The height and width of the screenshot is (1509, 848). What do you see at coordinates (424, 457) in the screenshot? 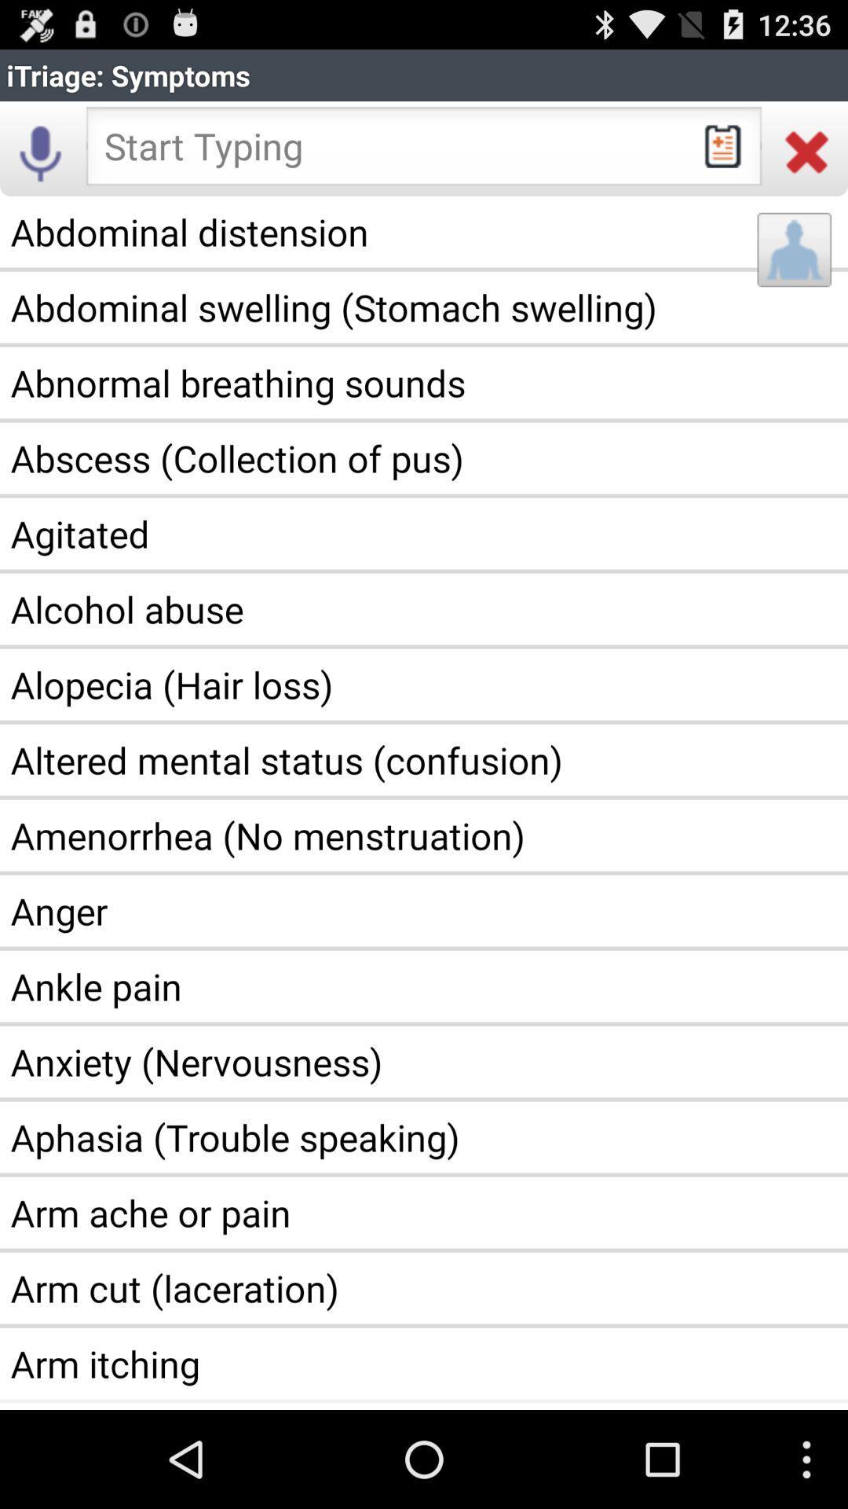
I see `abscess collection of item` at bounding box center [424, 457].